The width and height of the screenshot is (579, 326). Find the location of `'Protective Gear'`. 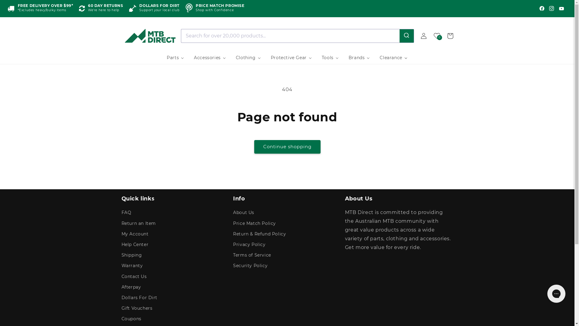

'Protective Gear' is located at coordinates (291, 58).